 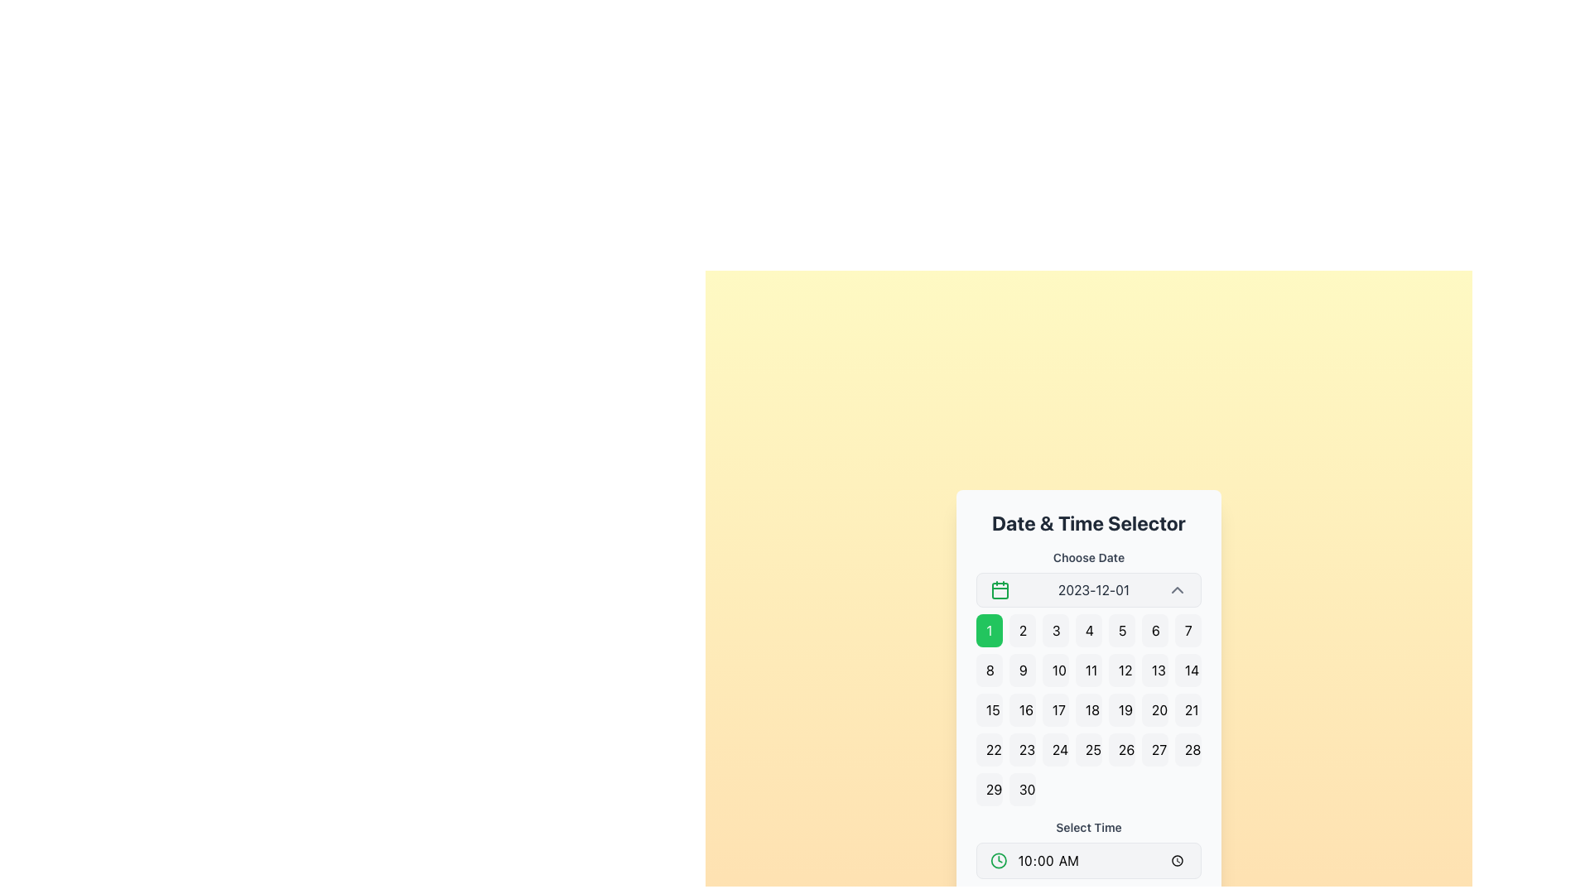 I want to click on the date selector button located in the bottom row, fourth column of the grid layout, so click(x=1055, y=750).